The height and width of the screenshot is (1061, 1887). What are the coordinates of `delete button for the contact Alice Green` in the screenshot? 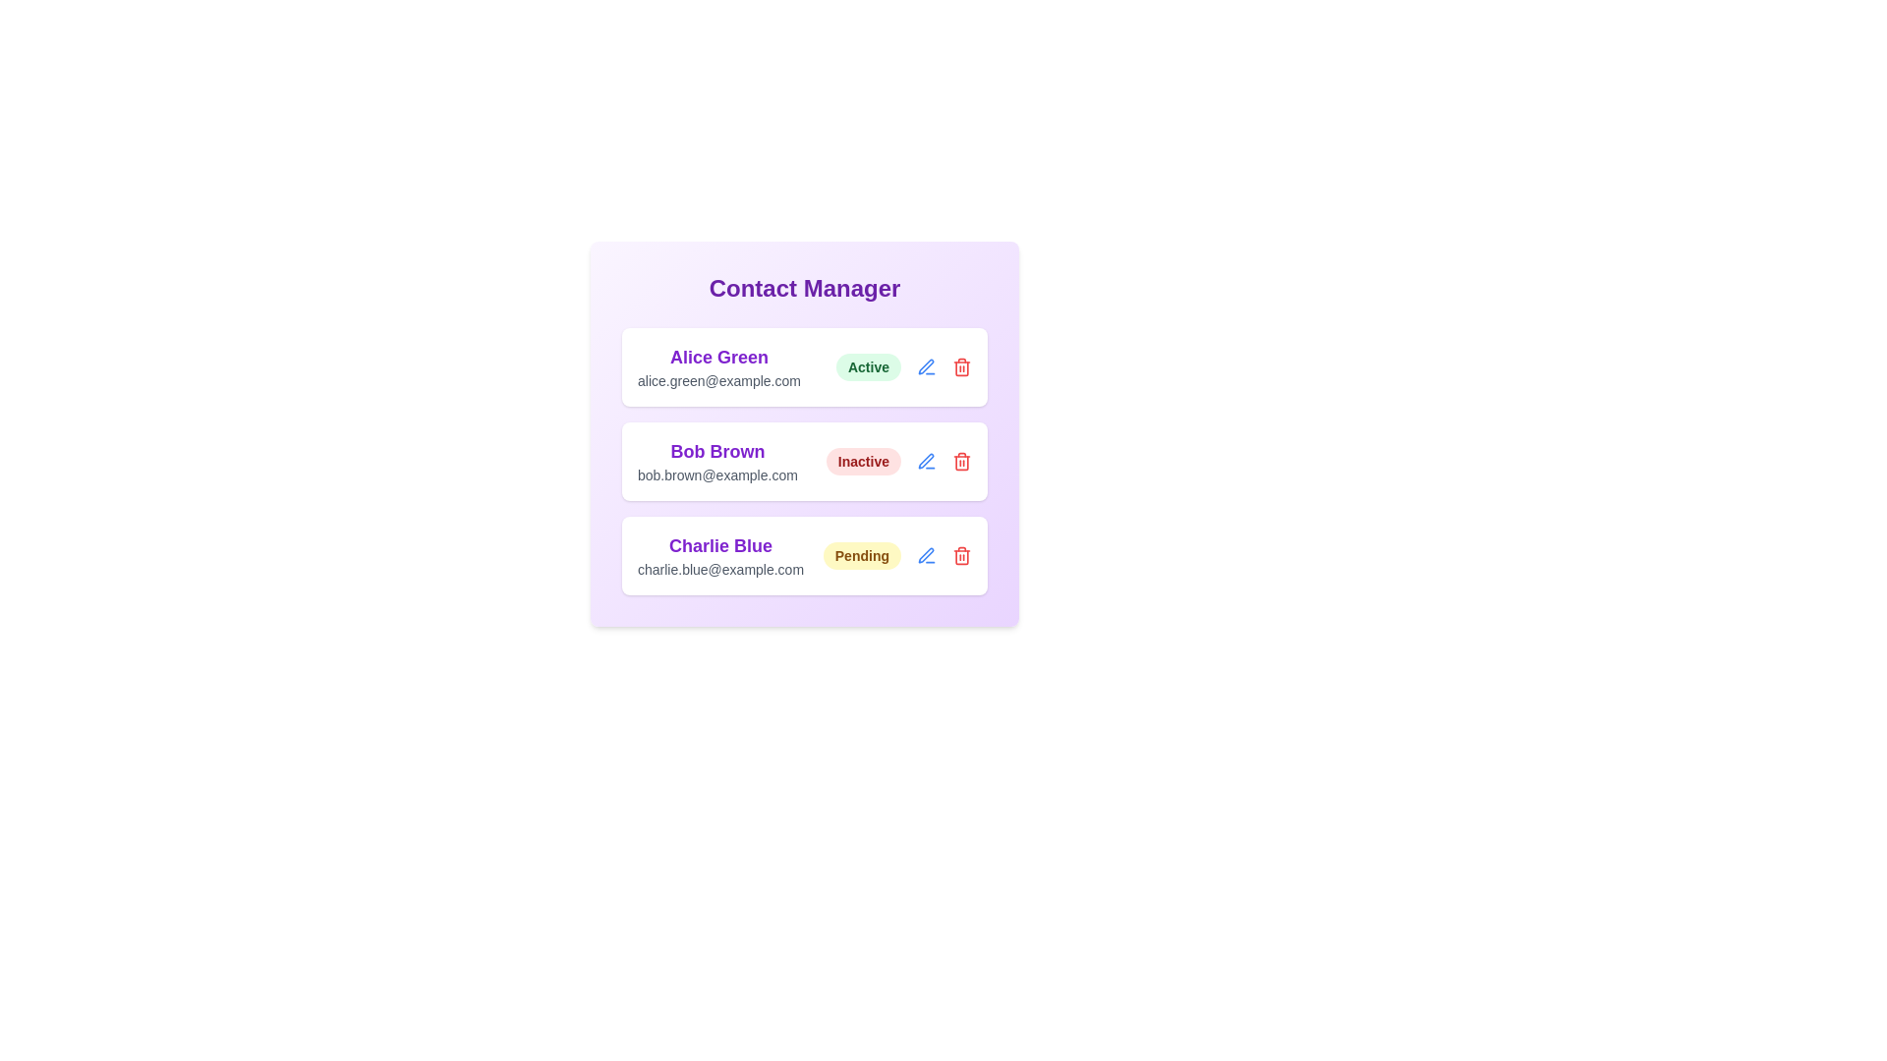 It's located at (962, 367).